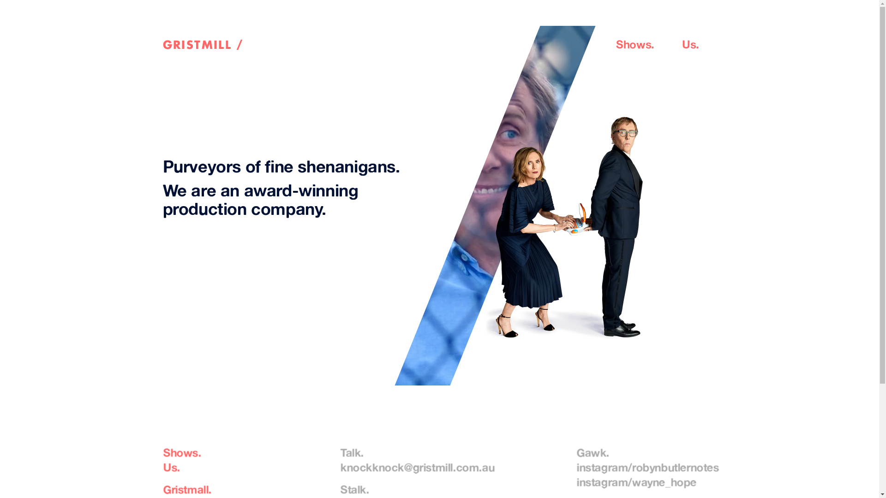  I want to click on 'instagram/robynbutlernotes', so click(647, 467).